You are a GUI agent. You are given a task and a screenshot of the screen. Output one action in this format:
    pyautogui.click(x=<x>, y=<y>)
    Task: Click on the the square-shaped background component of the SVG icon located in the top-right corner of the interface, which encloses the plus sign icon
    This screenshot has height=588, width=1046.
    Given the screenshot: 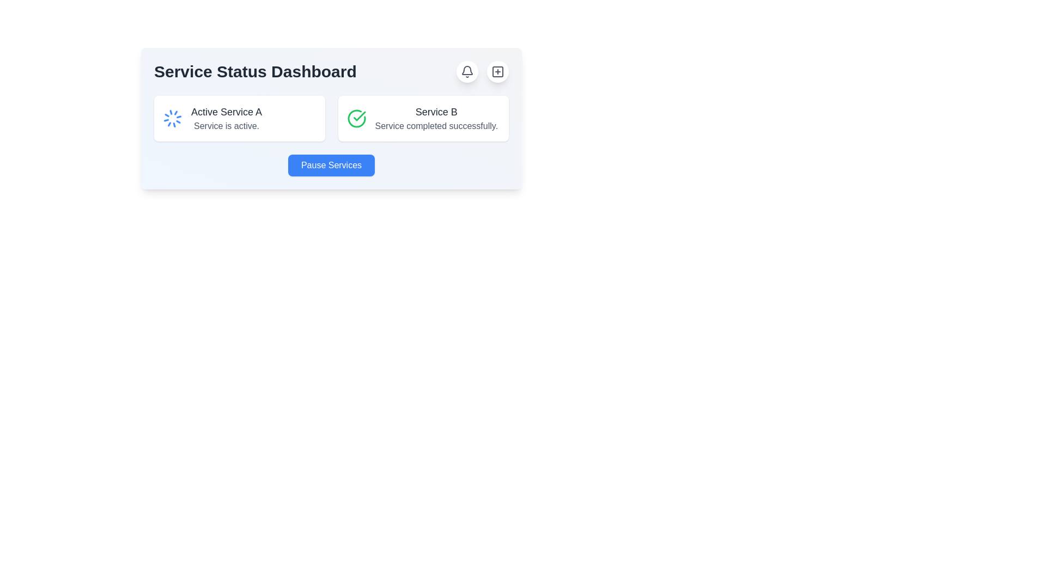 What is the action you would take?
    pyautogui.click(x=497, y=71)
    